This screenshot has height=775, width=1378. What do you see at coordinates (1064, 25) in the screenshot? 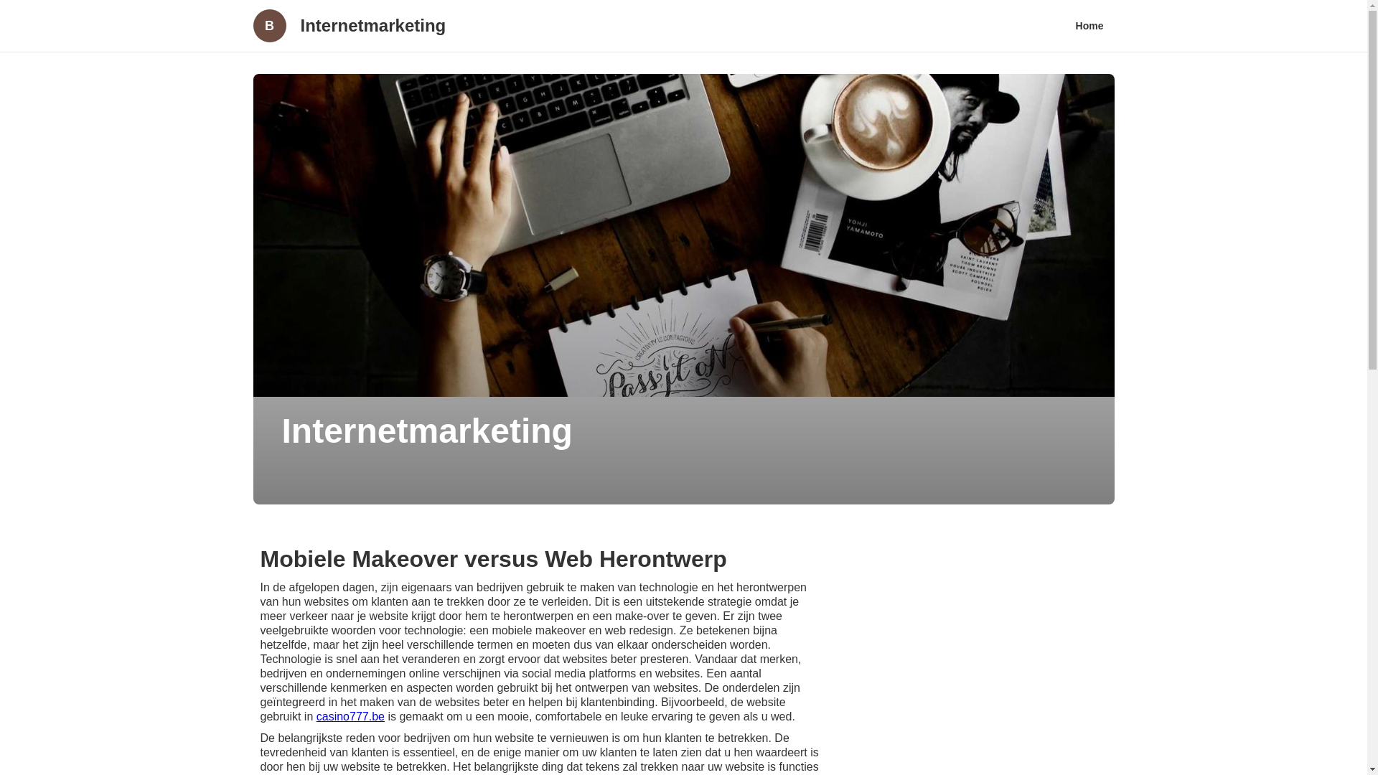
I see `'Home'` at bounding box center [1064, 25].